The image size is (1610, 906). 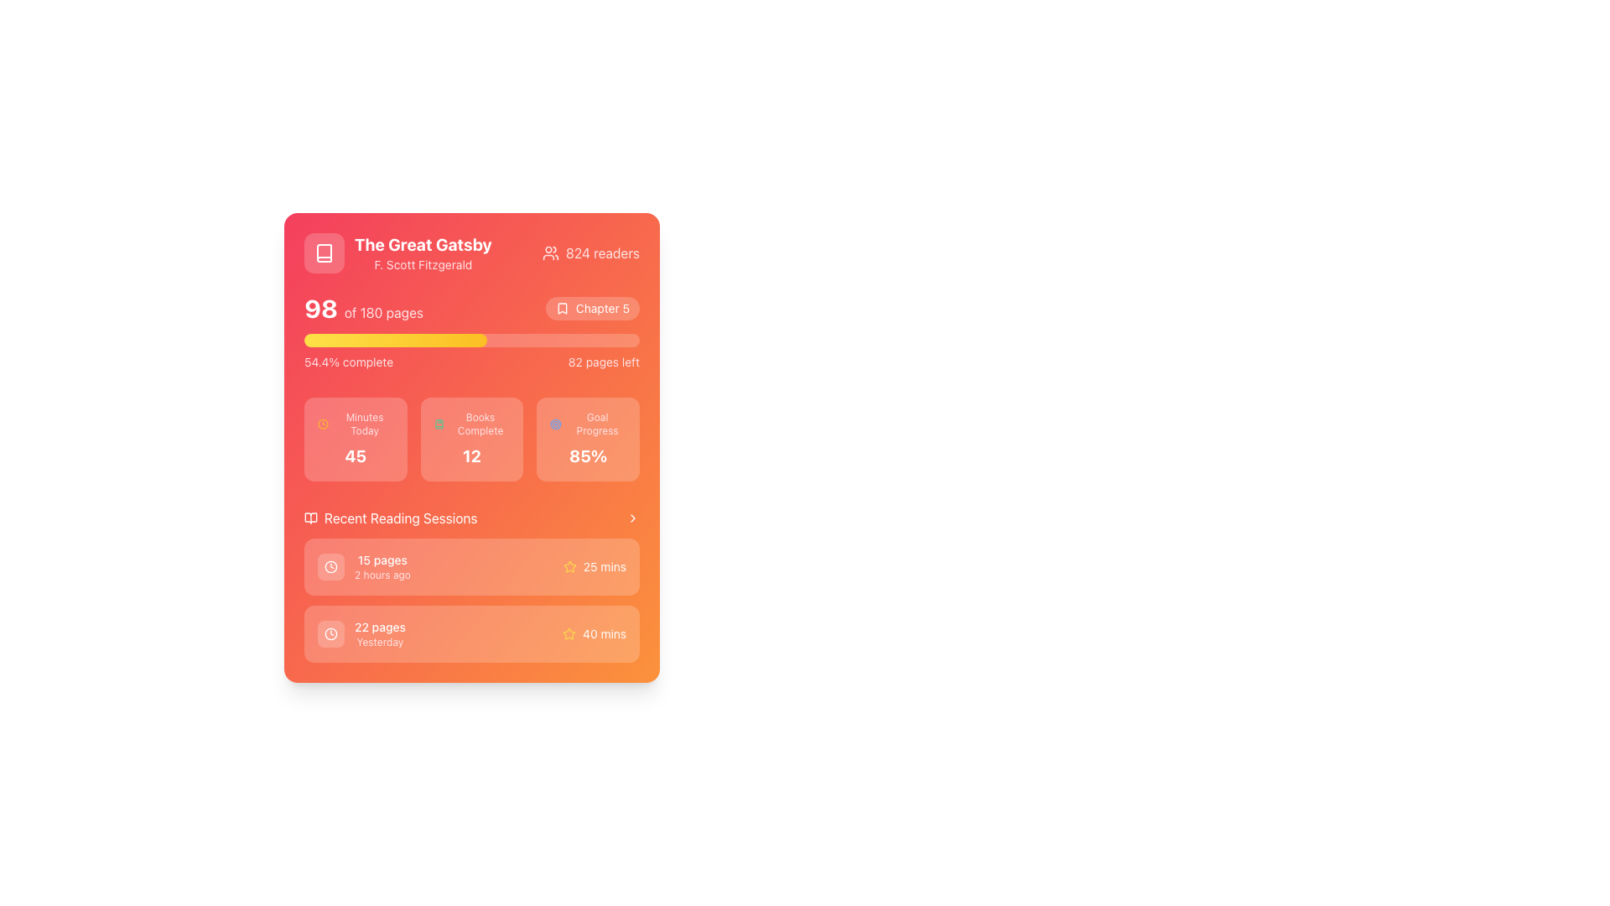 What do you see at coordinates (355, 456) in the screenshot?
I see `displayed numeric text from the Text element indicating the count of minutes today, located within the 'Minutes Today' card in the second row, first column of the grid layout` at bounding box center [355, 456].